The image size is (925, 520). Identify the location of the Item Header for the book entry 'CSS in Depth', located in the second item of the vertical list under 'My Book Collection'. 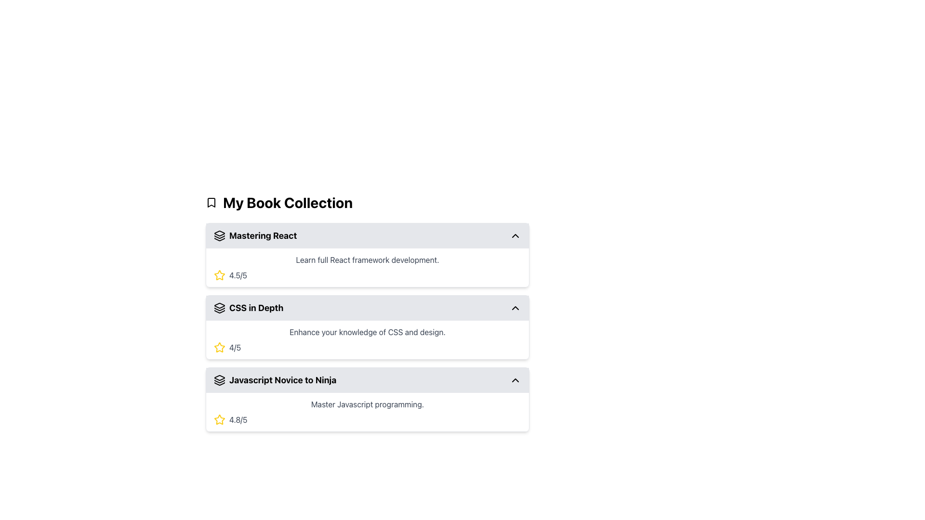
(249, 308).